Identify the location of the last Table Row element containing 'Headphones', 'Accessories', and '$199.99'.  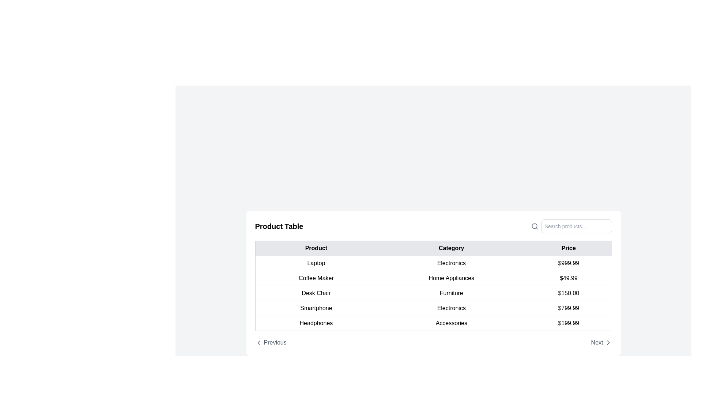
(433, 323).